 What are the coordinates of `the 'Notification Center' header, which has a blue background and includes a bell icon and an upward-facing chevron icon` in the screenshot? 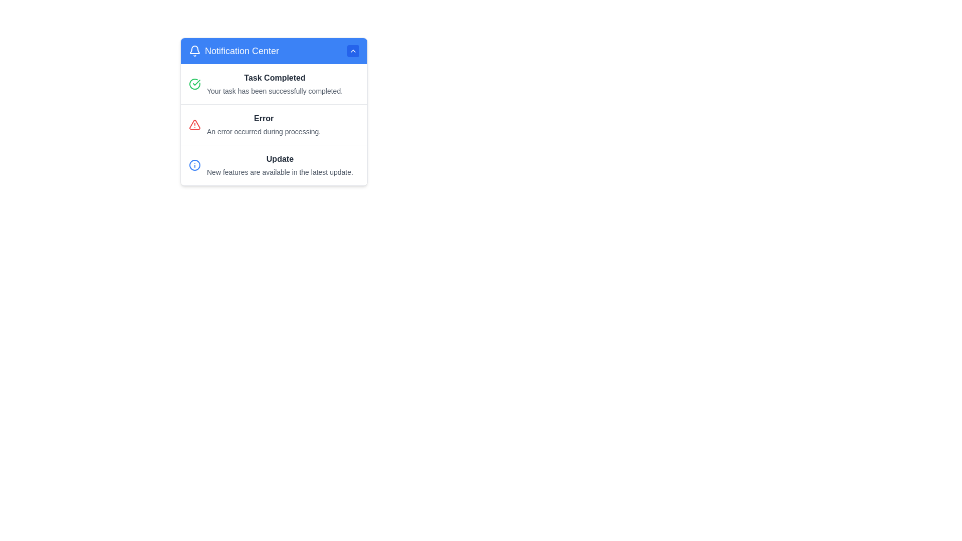 It's located at (274, 51).